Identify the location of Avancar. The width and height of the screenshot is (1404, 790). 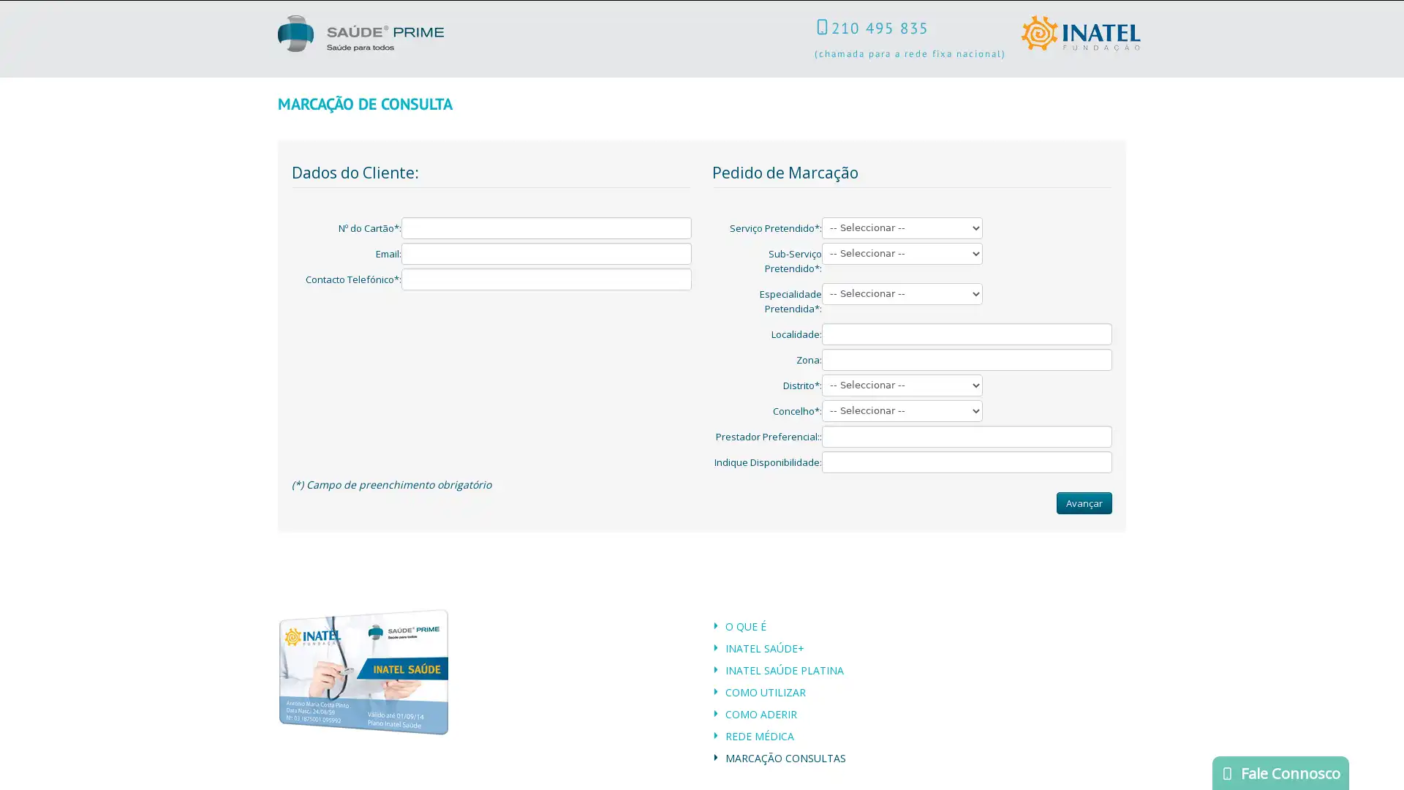
(1084, 501).